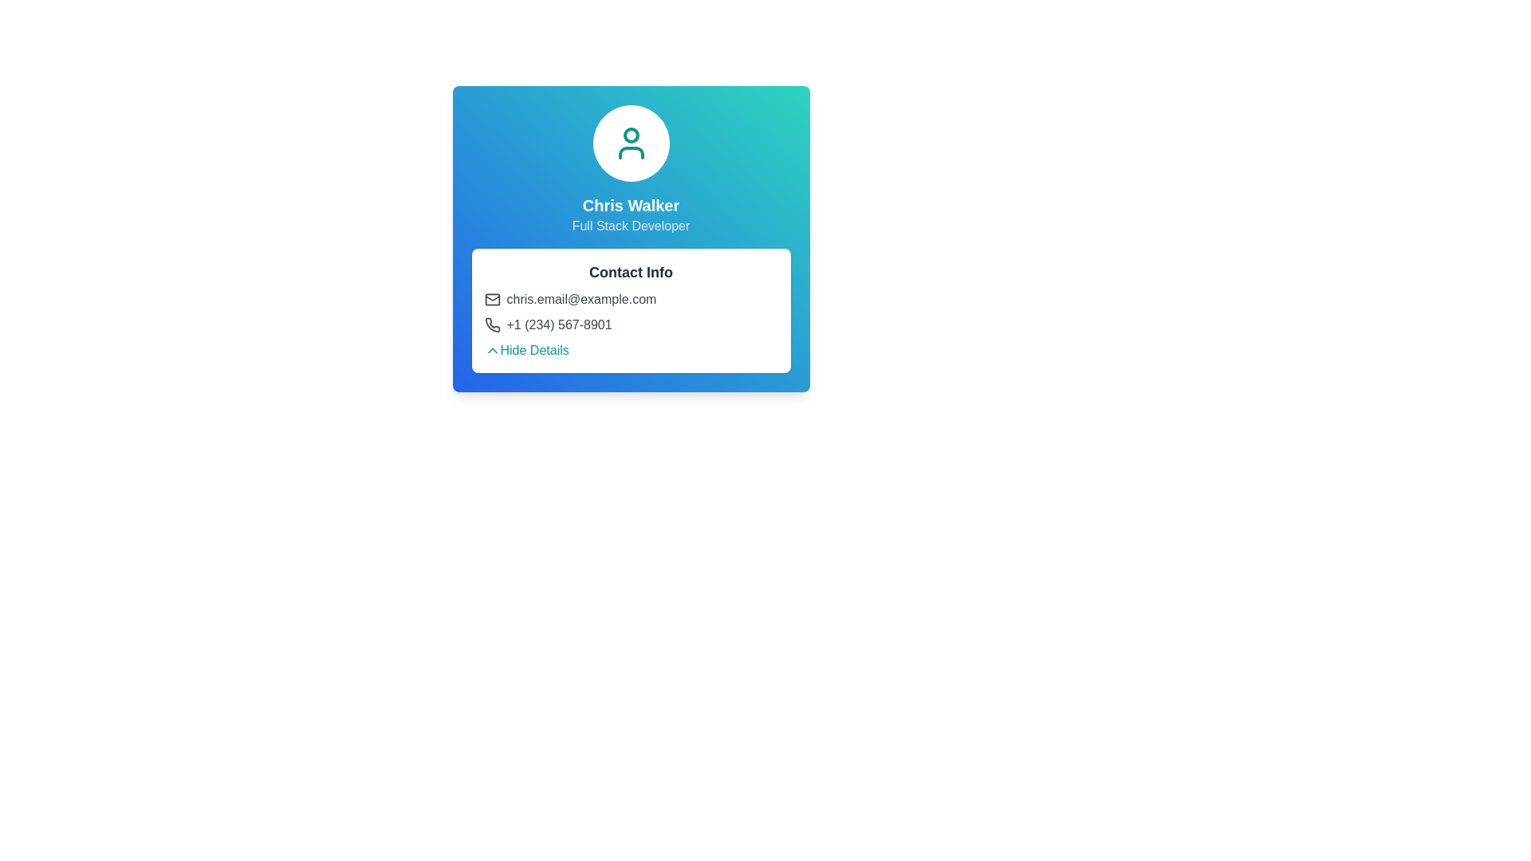  I want to click on the chevron icon located below the contact information of Chris Walker, so click(491, 349).